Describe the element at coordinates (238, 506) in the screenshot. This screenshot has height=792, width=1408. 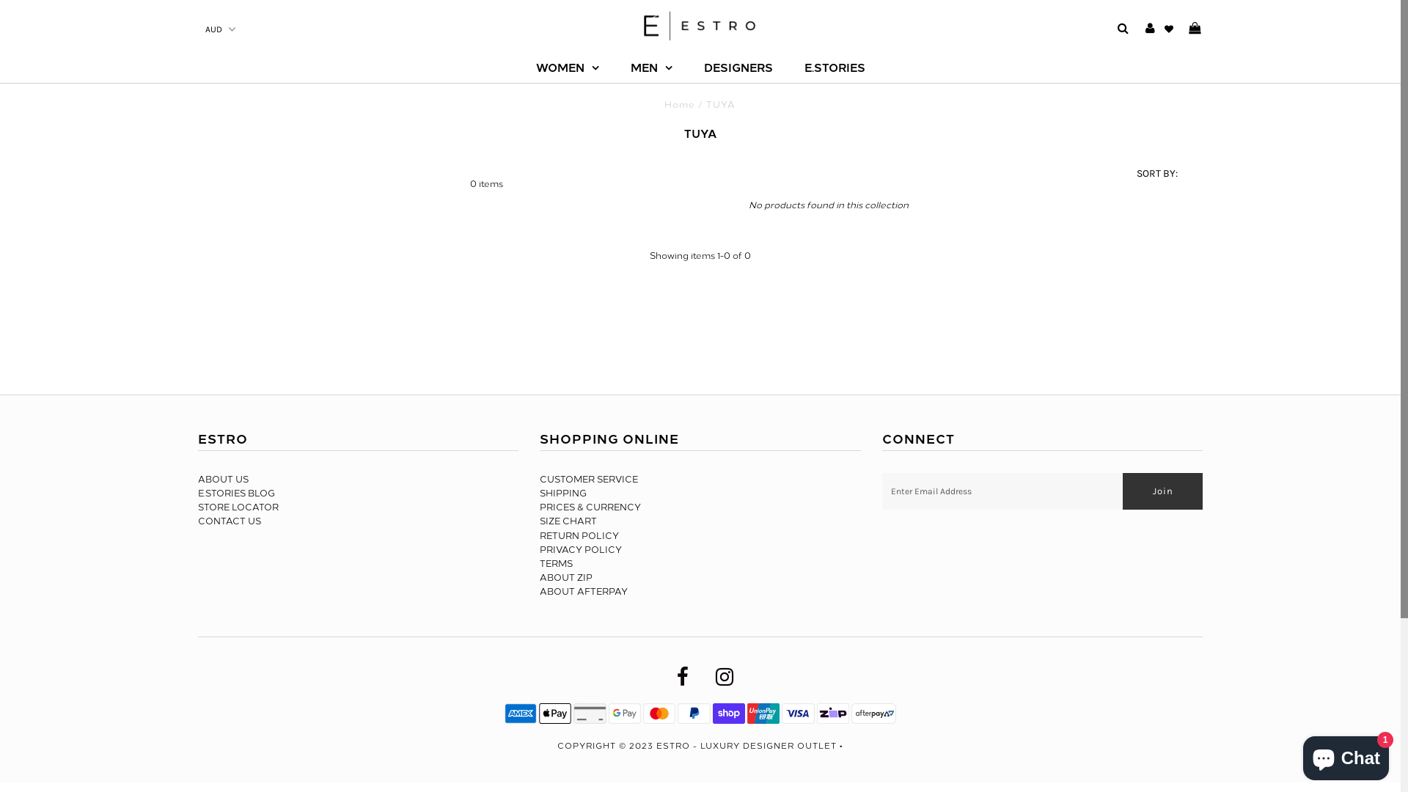
I see `'STORE LOCATOR'` at that location.